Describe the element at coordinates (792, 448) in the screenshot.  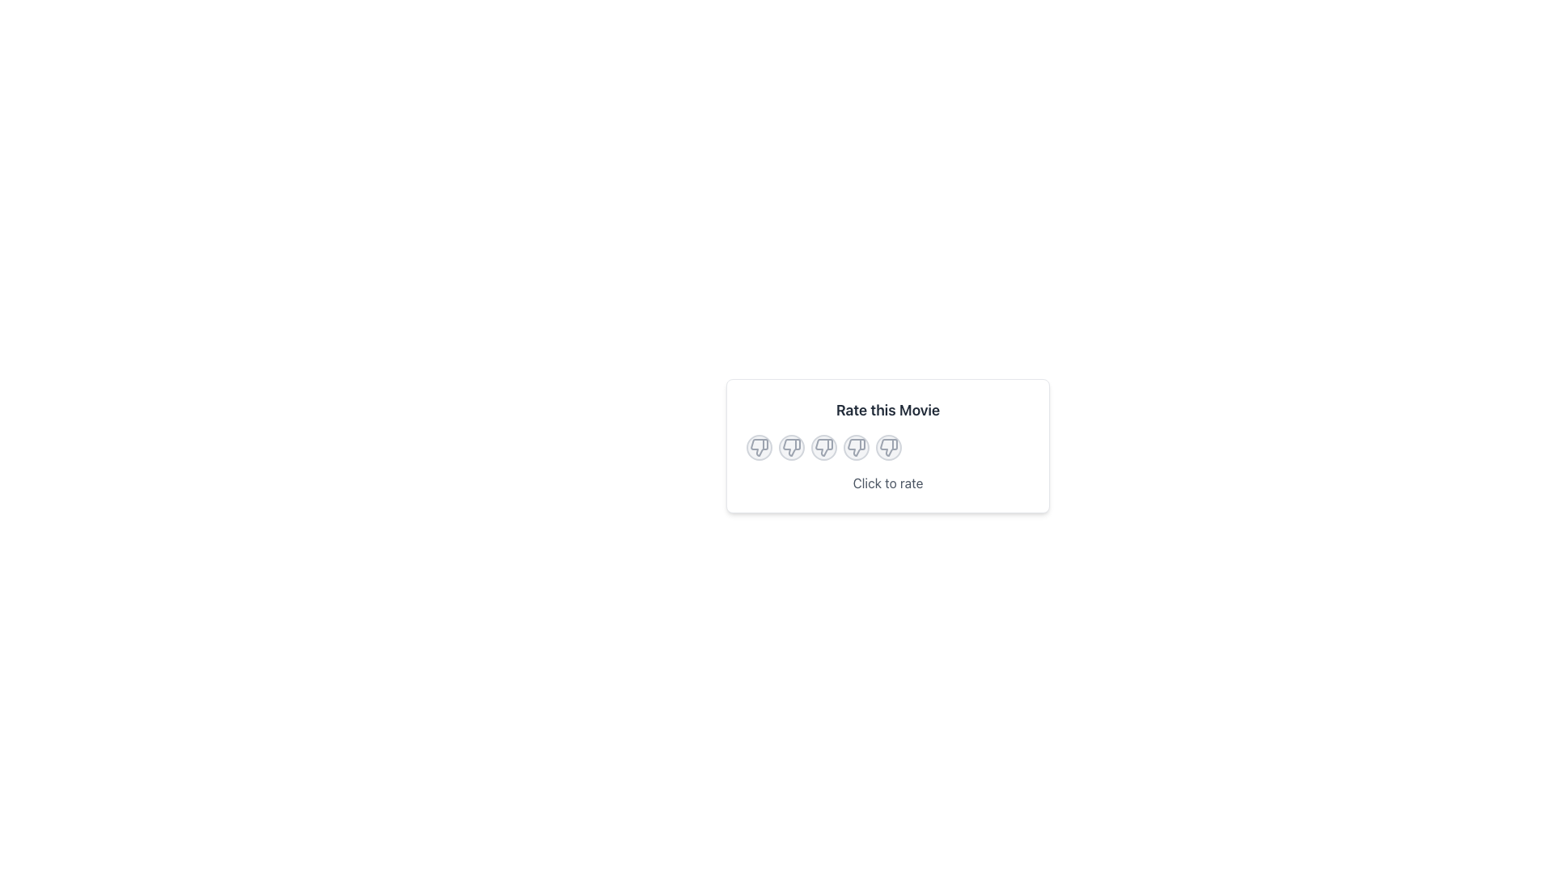
I see `the thumbs down icon to provide negative feedback, which is the second icon in a row of similar rating options` at that location.